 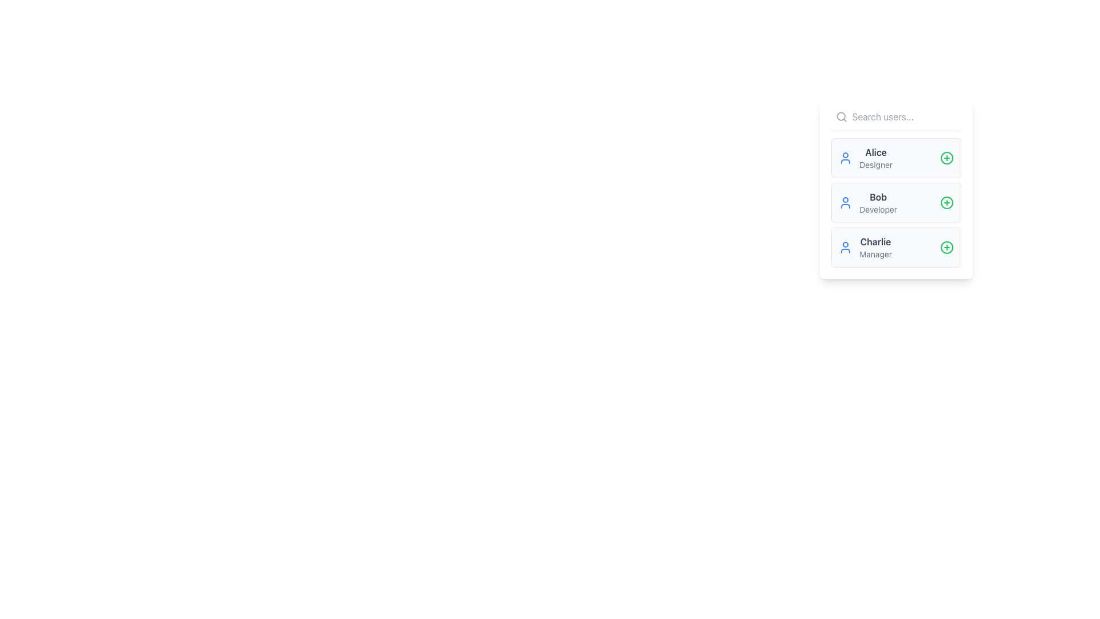 I want to click on text label that displays the user's name, located above the 'Designer' label in the first entry of the vertical user list, so click(x=875, y=152).